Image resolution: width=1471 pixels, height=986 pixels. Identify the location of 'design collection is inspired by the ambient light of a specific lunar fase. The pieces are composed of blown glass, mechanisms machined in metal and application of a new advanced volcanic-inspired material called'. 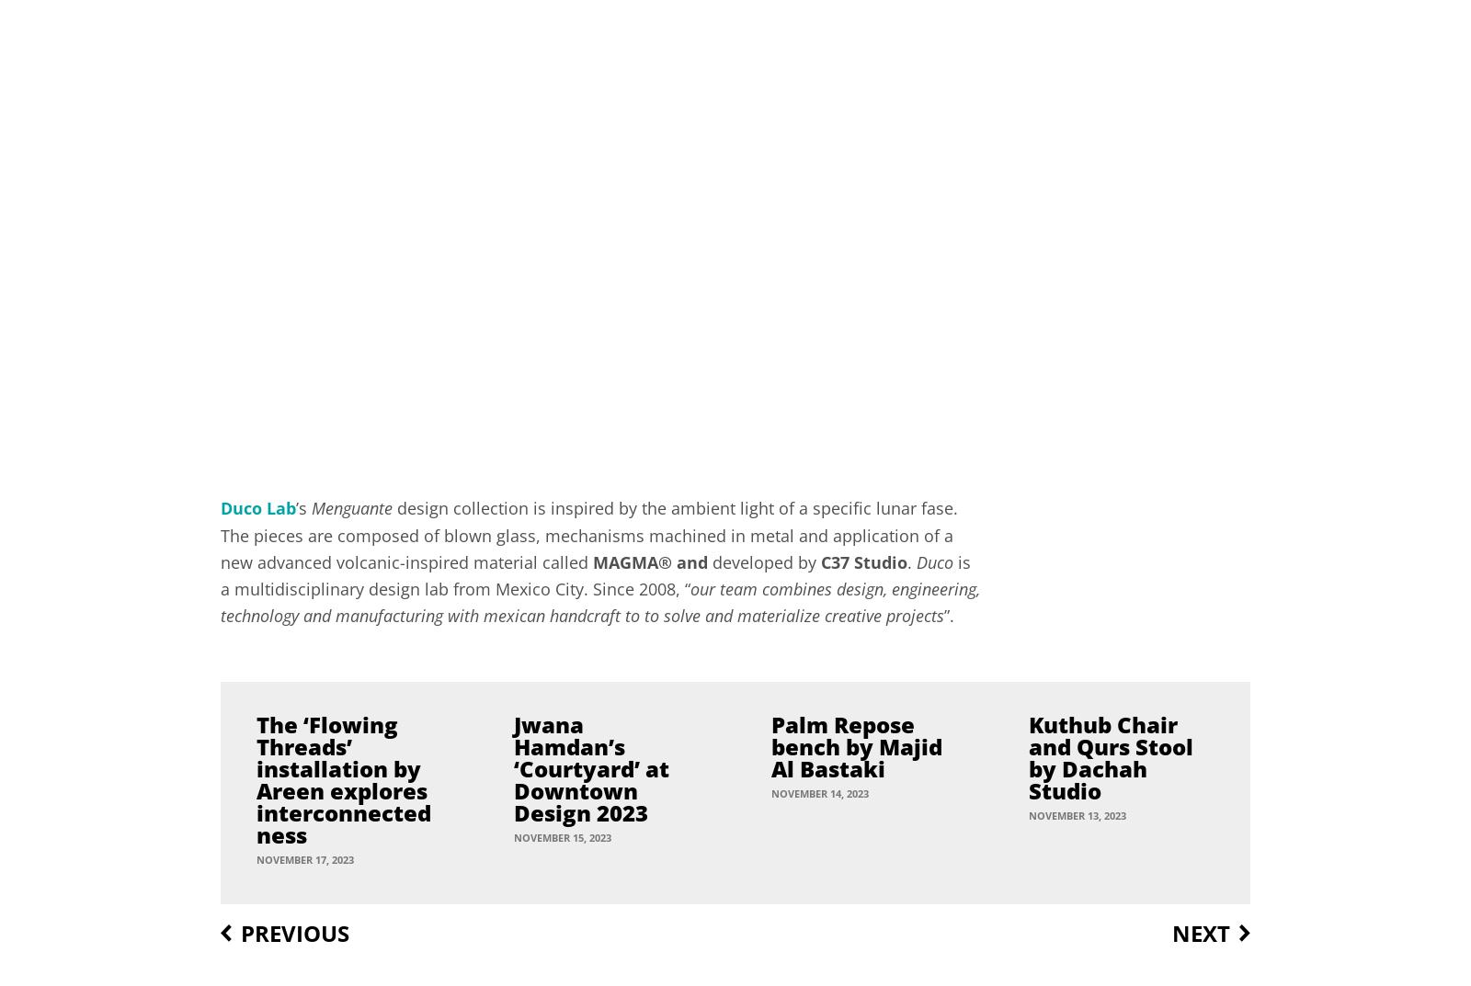
(221, 534).